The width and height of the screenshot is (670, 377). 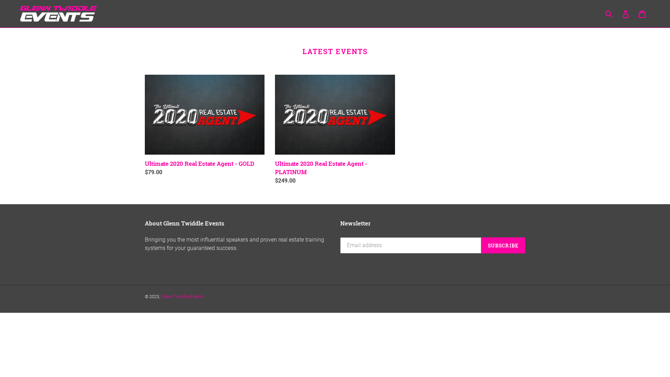 I want to click on 'Log in', so click(x=626, y=13).